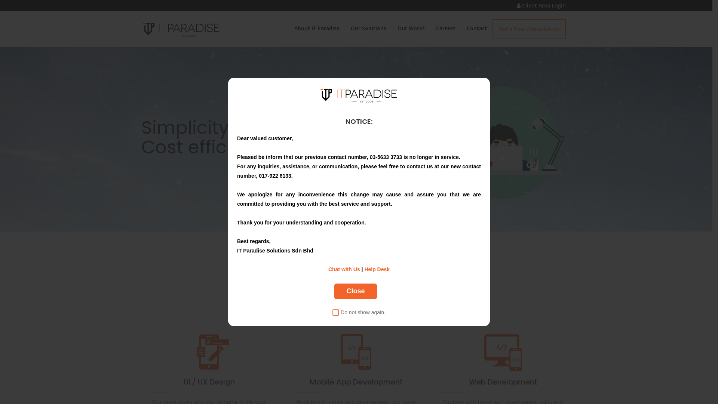  What do you see at coordinates (368, 28) in the screenshot?
I see `'Our Solutions'` at bounding box center [368, 28].